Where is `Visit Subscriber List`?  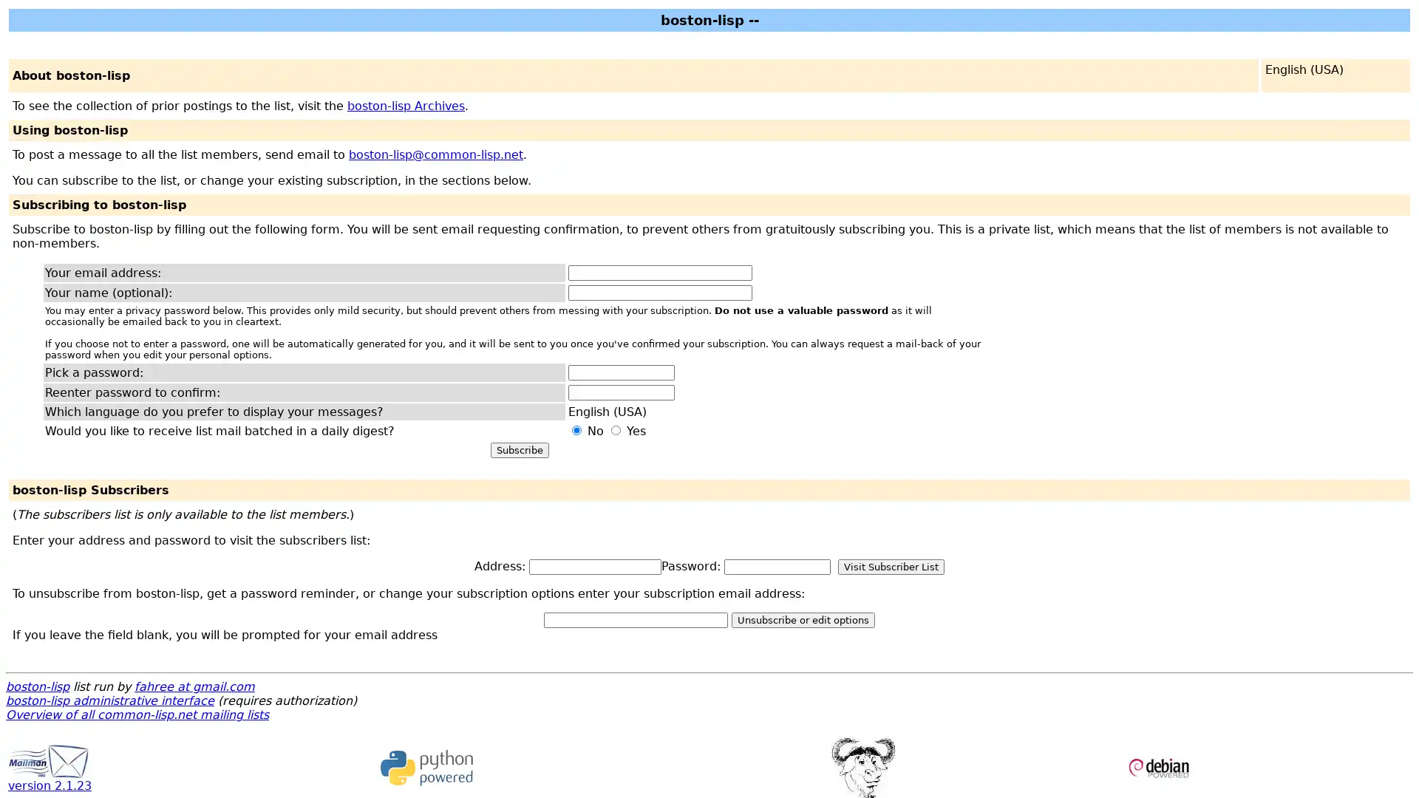 Visit Subscriber List is located at coordinates (890, 566).